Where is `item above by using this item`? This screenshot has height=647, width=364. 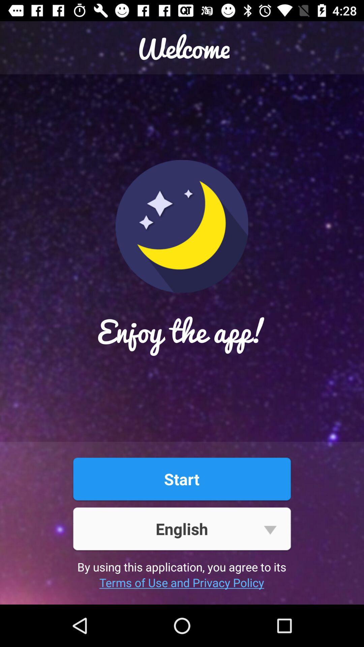
item above by using this item is located at coordinates (181, 528).